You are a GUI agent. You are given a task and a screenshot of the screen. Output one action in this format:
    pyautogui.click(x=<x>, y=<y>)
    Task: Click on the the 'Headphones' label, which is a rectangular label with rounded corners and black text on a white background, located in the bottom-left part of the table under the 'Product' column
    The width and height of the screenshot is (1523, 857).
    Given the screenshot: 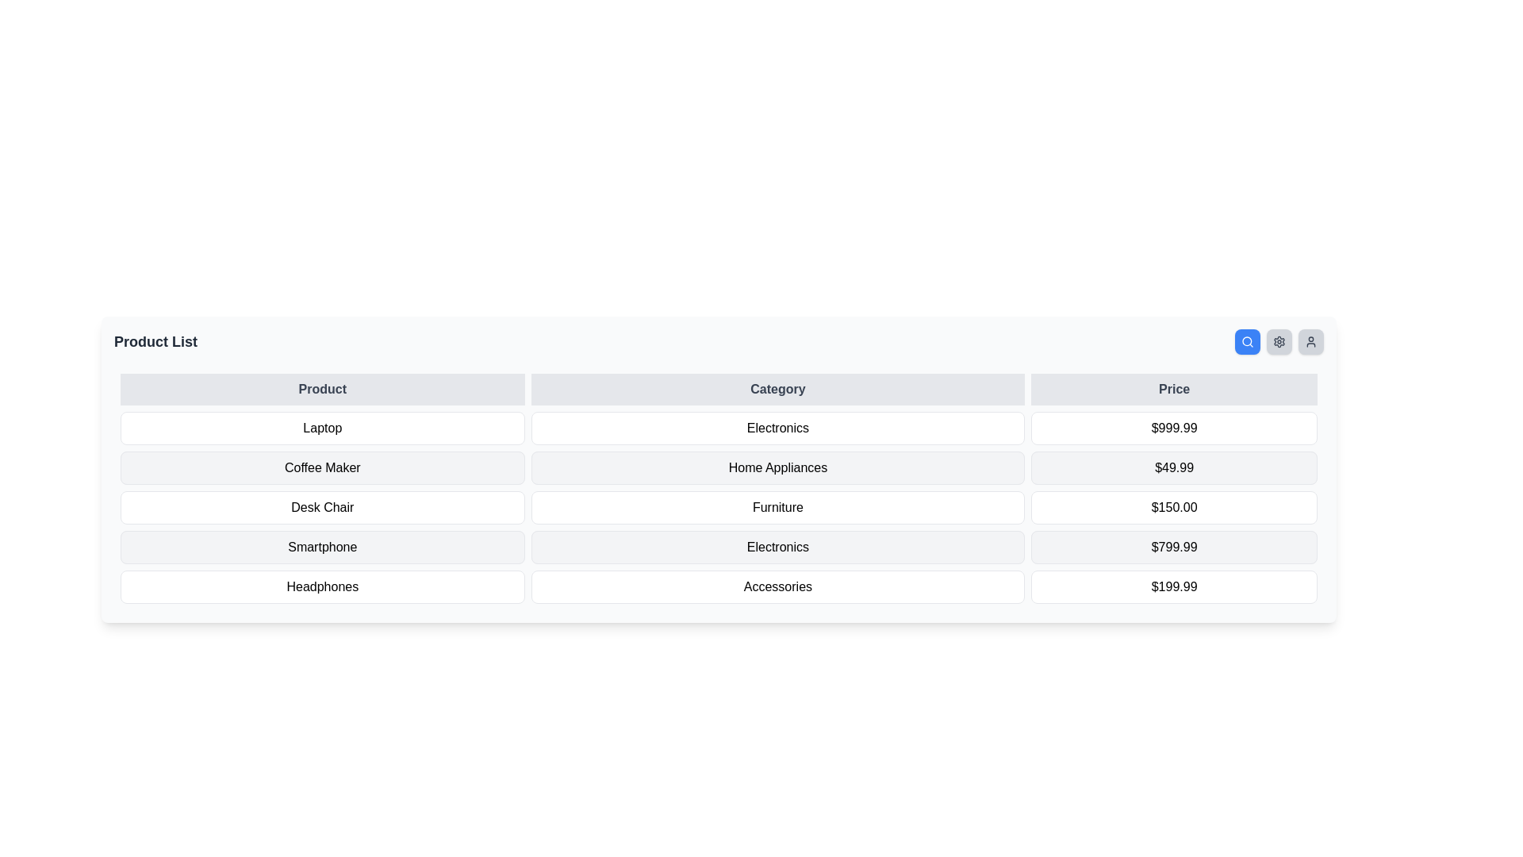 What is the action you would take?
    pyautogui.click(x=321, y=587)
    